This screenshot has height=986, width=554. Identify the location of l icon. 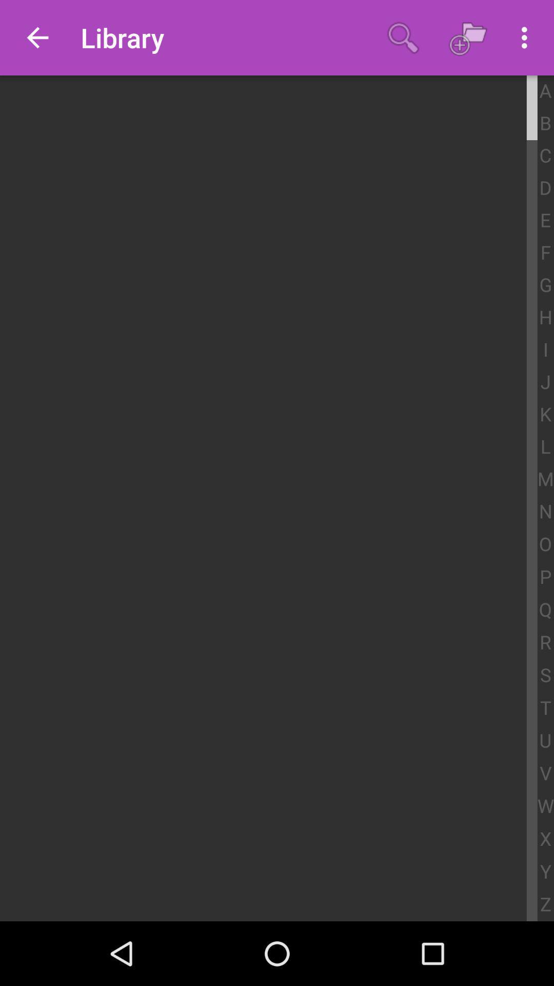
(545, 447).